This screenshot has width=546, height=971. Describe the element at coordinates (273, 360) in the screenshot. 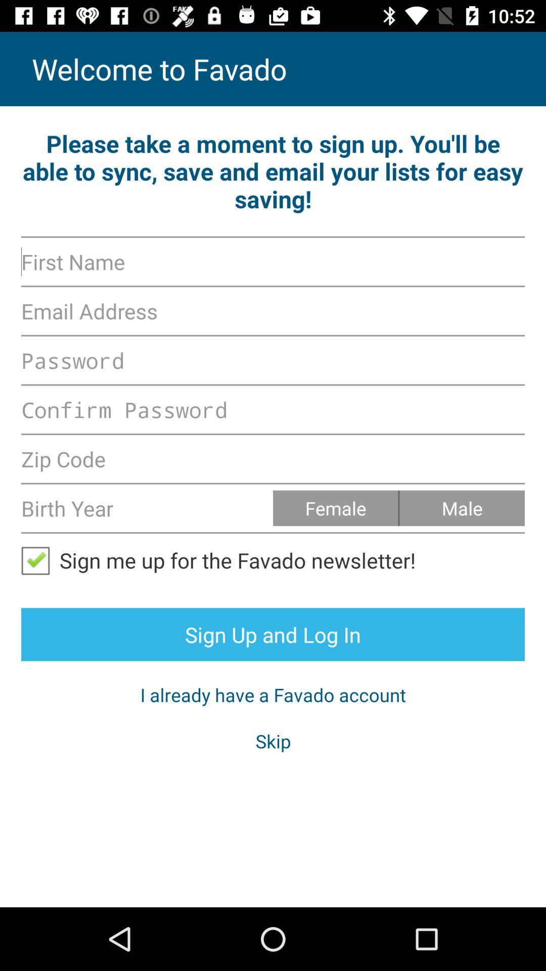

I see `password field` at that location.